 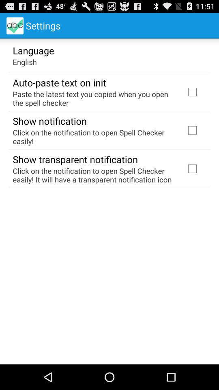 What do you see at coordinates (93, 98) in the screenshot?
I see `icon above the show notification` at bounding box center [93, 98].